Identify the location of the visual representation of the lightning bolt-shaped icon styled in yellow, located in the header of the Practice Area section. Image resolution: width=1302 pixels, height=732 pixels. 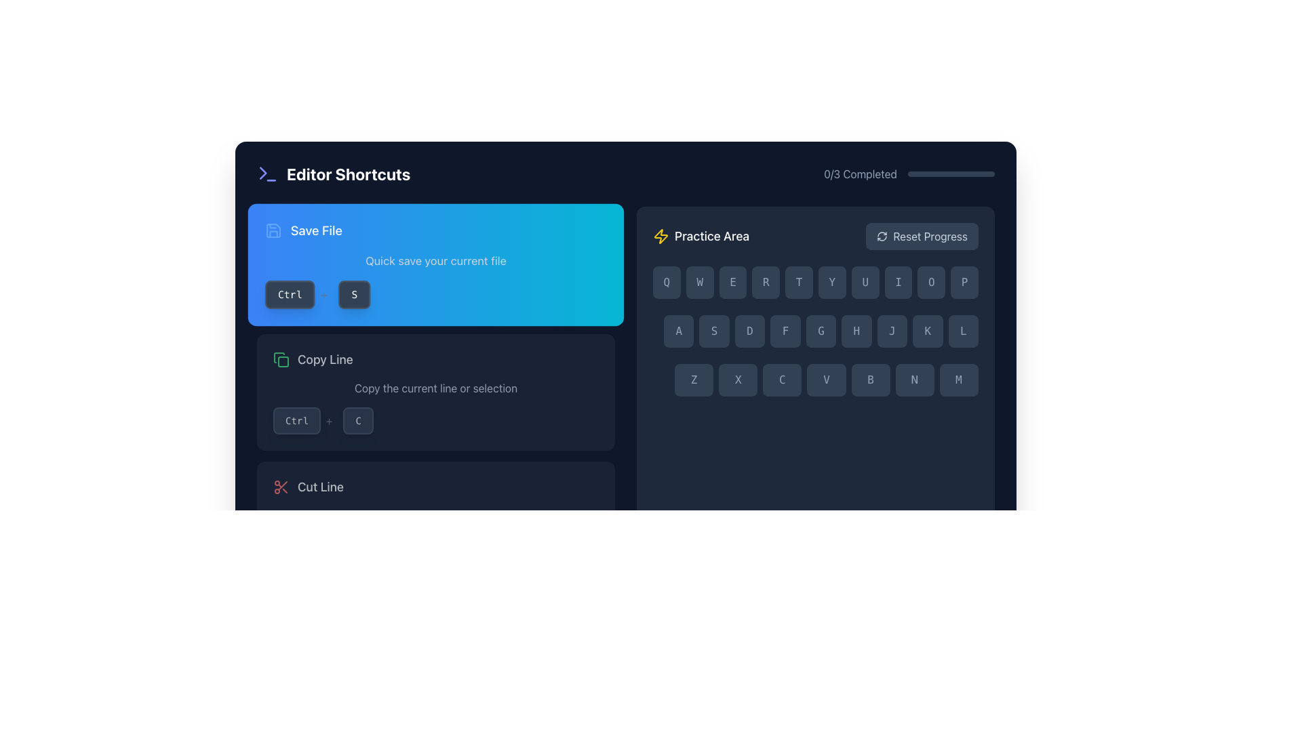
(660, 235).